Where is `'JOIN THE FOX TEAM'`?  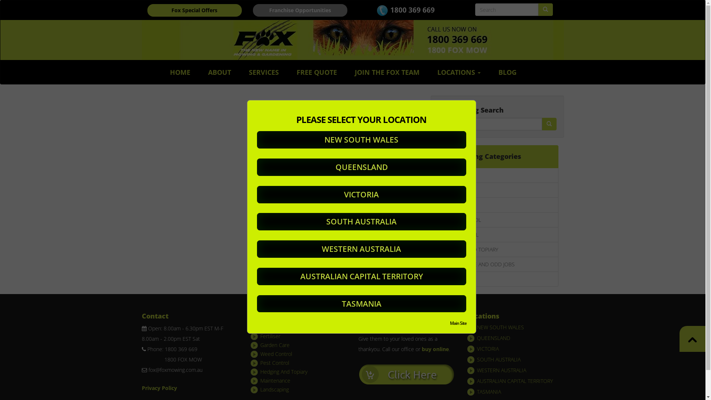 'JOIN THE FOX TEAM' is located at coordinates (387, 72).